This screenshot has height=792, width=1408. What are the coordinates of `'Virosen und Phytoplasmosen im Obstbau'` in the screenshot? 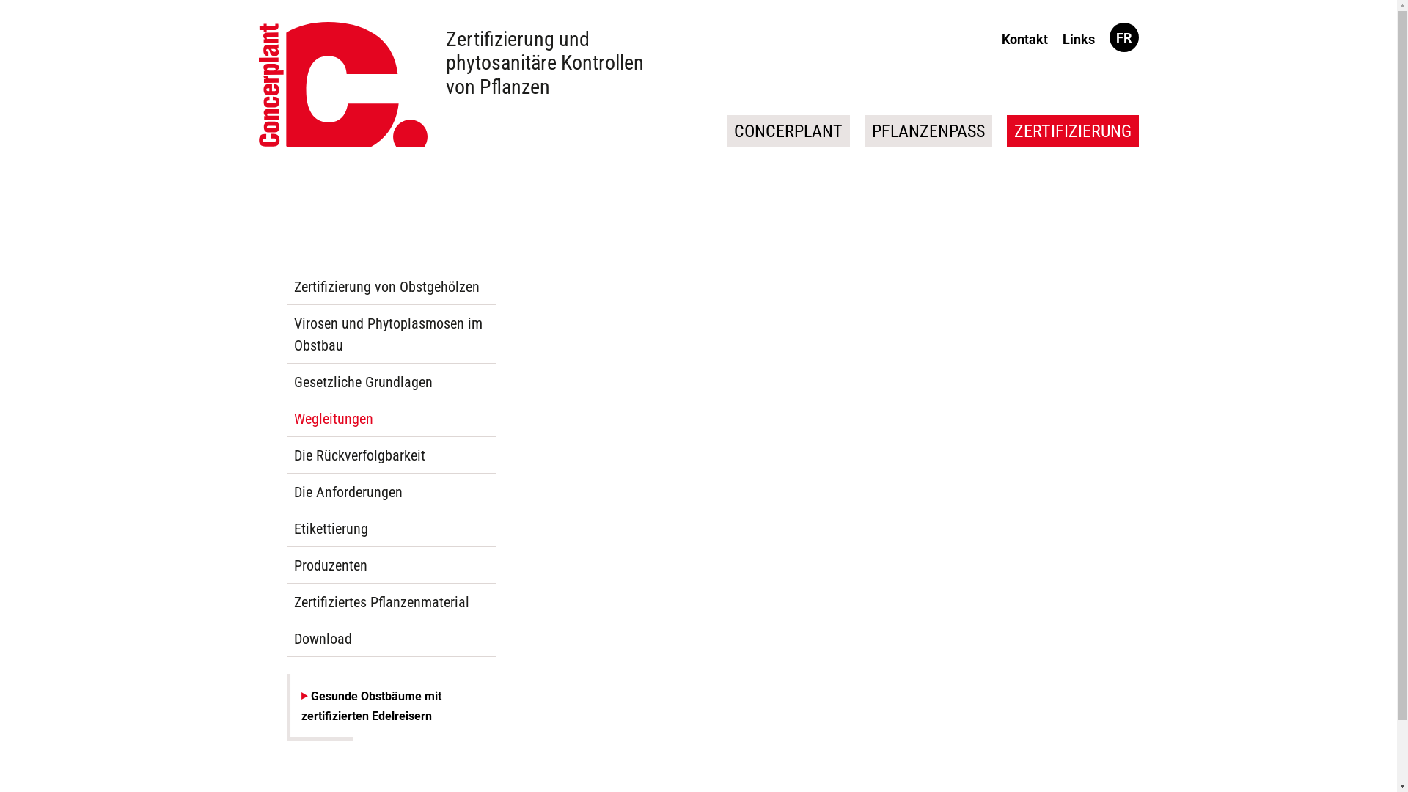 It's located at (390, 334).